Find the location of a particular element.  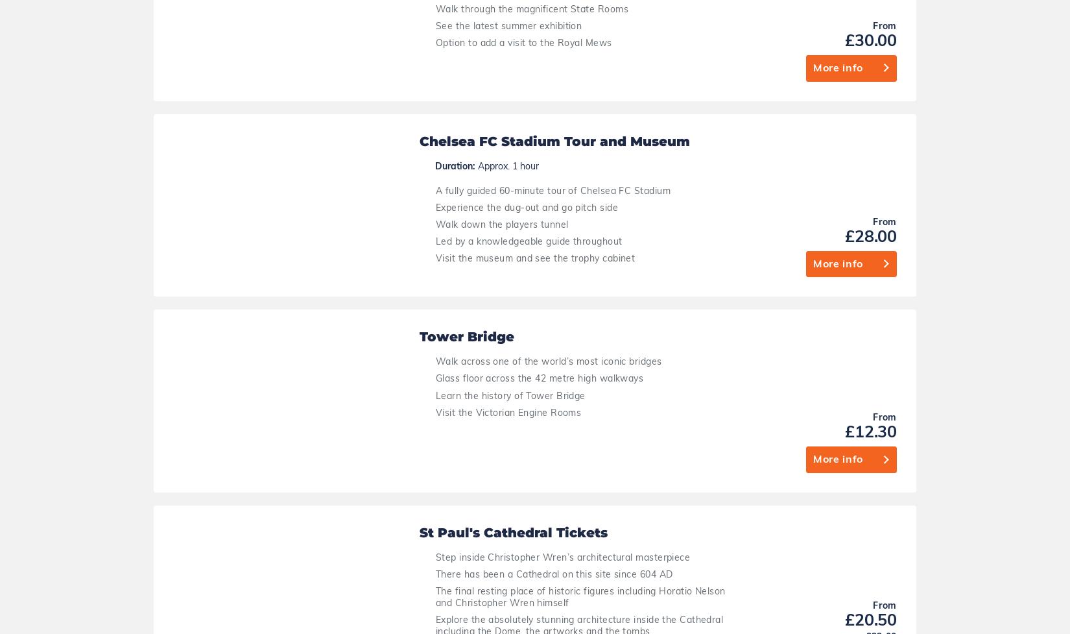

'Take the Tyrant Boat ride & experience the Drop Dead ride' is located at coordinates (524, 579).